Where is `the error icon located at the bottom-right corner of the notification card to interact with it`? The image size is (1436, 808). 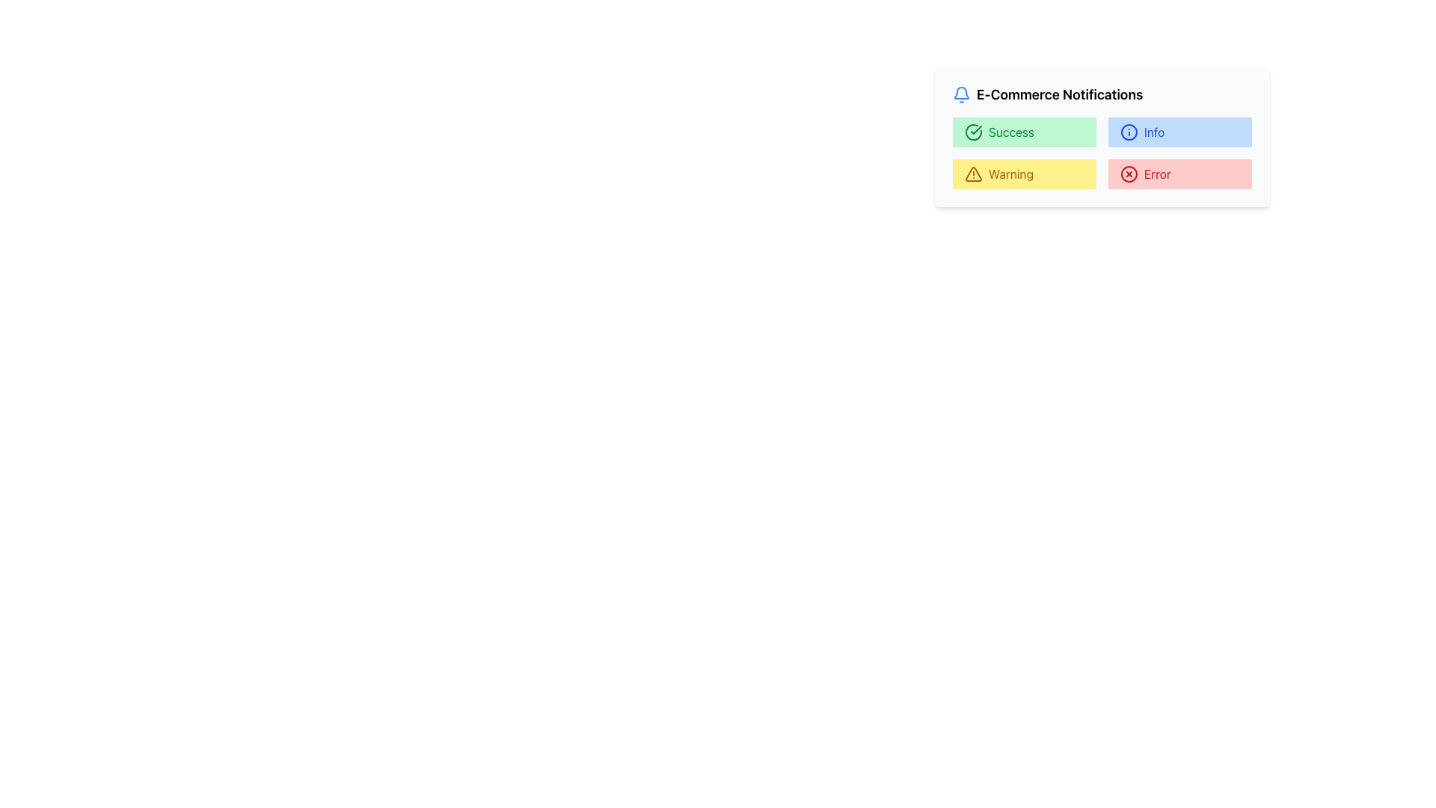
the error icon located at the bottom-right corner of the notification card to interact with it is located at coordinates (1129, 173).